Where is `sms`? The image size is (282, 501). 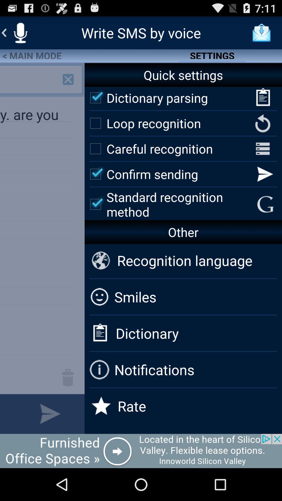
sms is located at coordinates (20, 32).